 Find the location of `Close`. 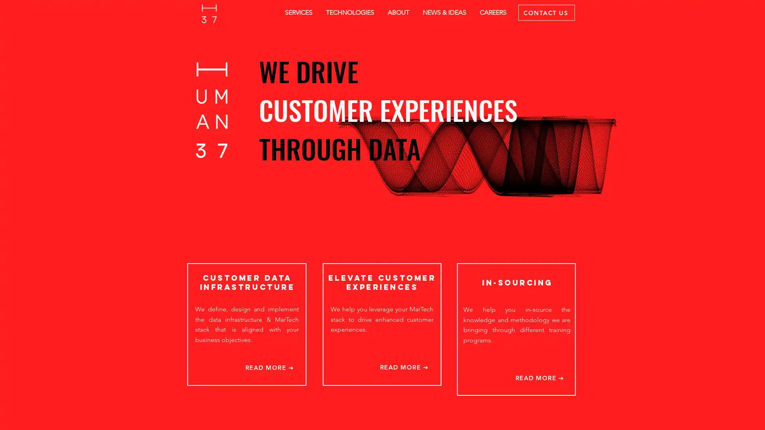

Close is located at coordinates (755, 417).